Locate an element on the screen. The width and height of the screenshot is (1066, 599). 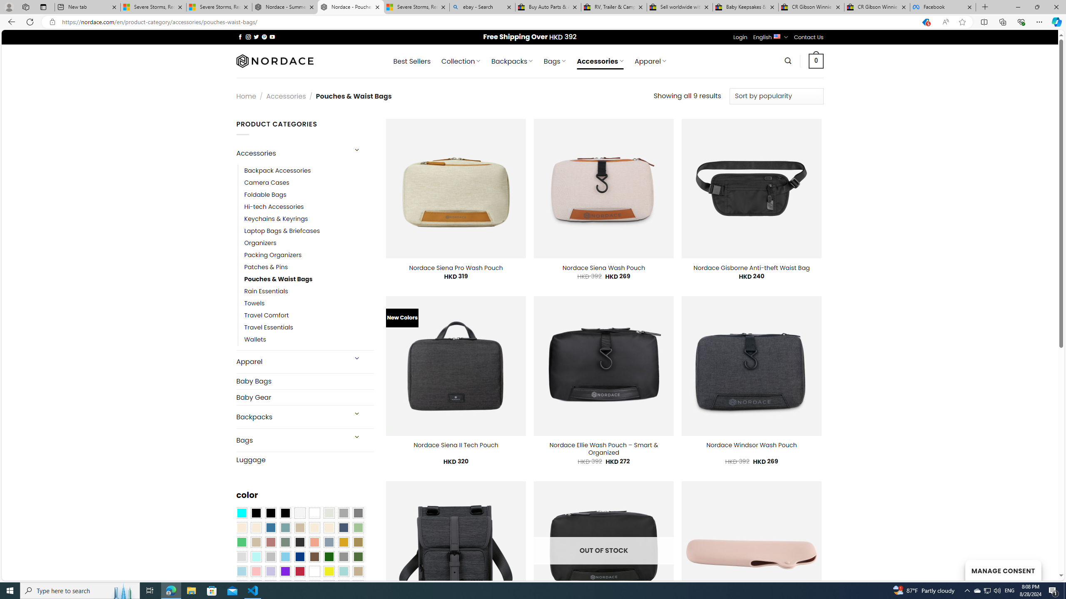
'Caramel' is located at coordinates (314, 527).